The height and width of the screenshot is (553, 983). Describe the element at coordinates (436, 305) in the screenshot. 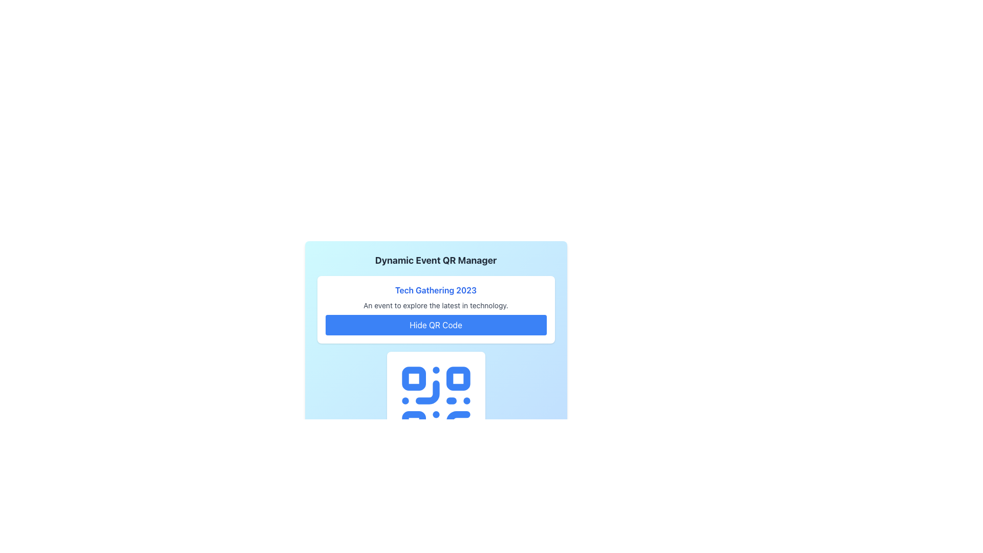

I see `the static text element that reads 'An event` at that location.